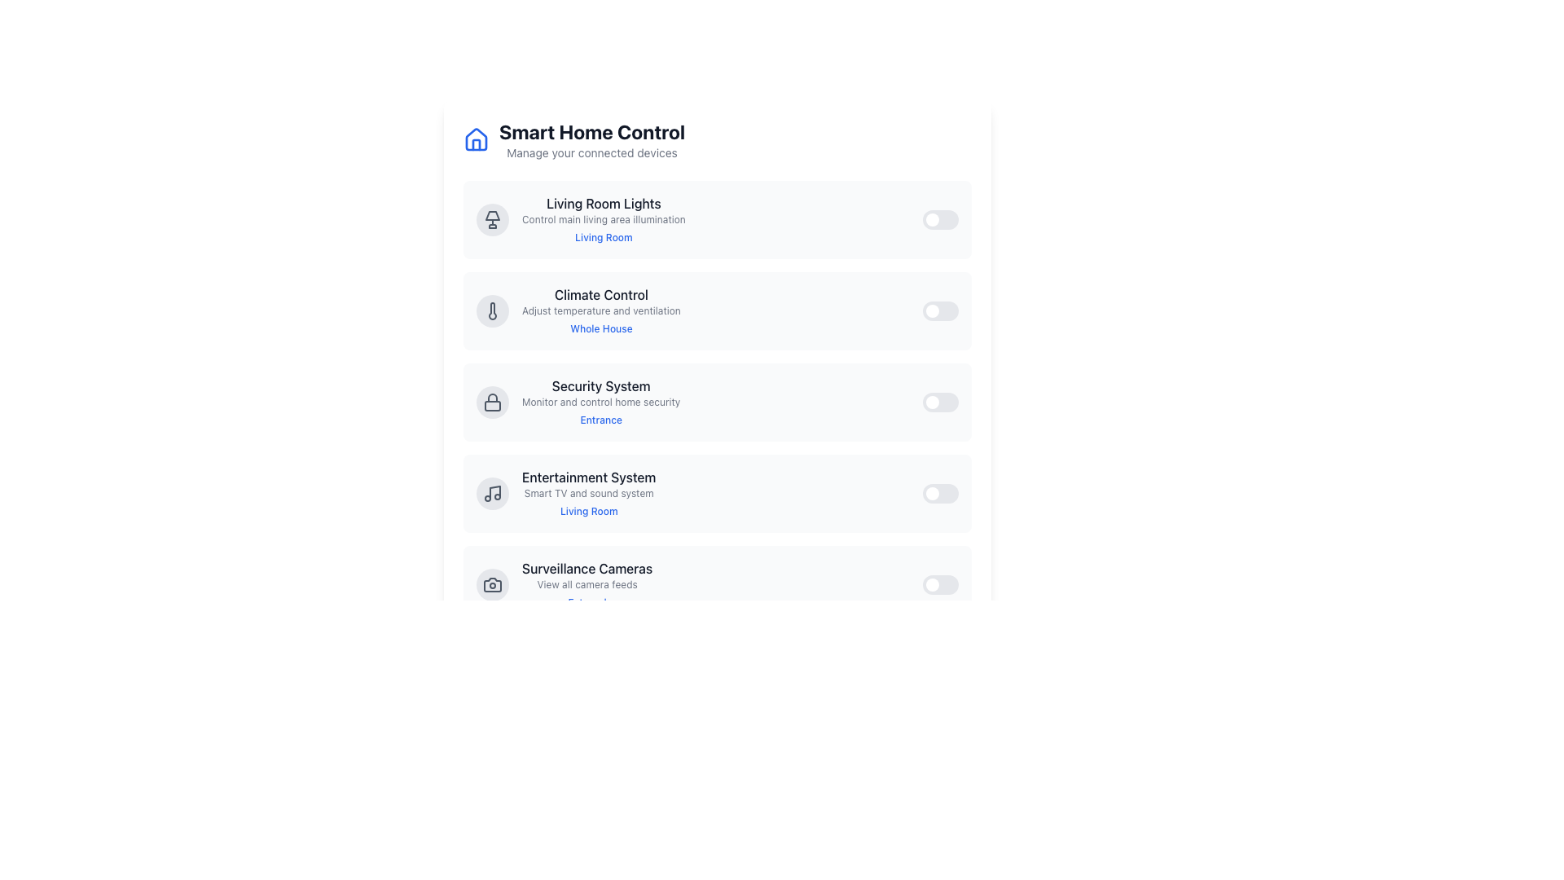 Image resolution: width=1564 pixels, height=880 pixels. What do you see at coordinates (476, 139) in the screenshot?
I see `the home icon located to the left of the 'Smart Home Control' text in the top section of the interface` at bounding box center [476, 139].